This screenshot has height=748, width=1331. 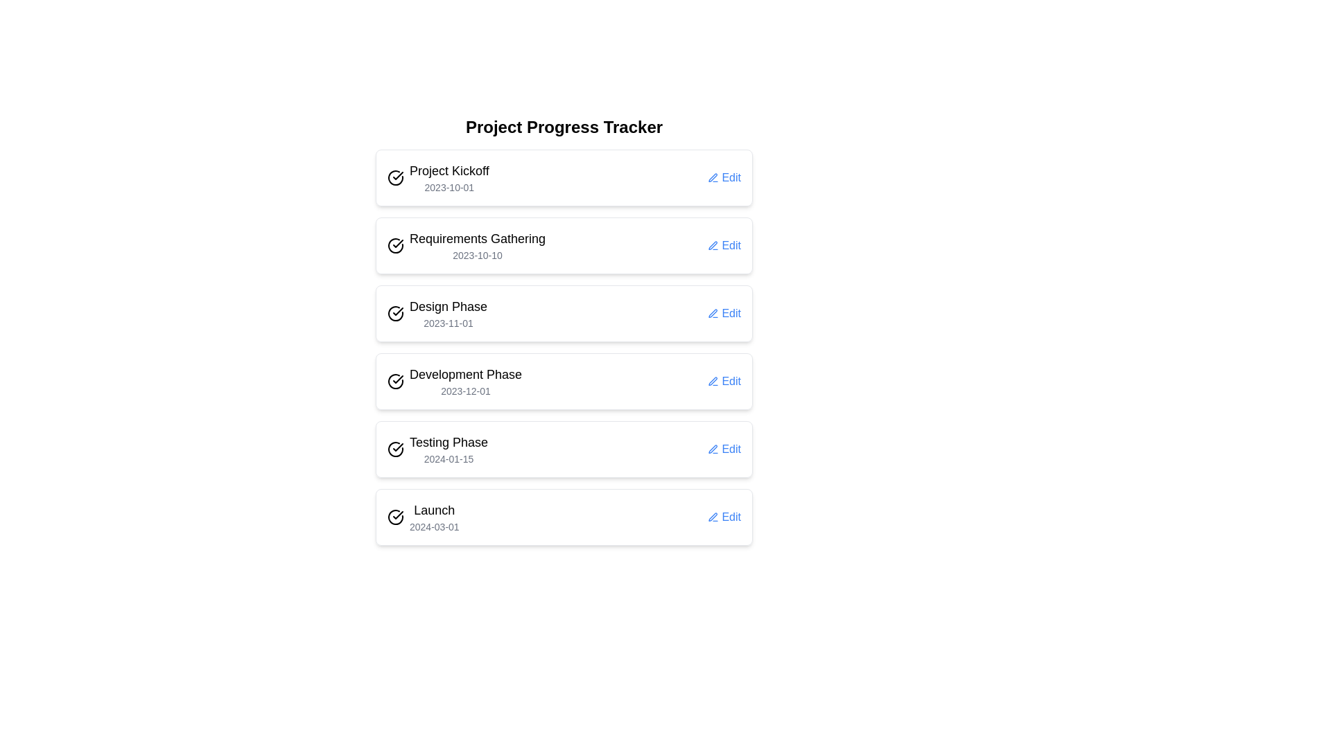 What do you see at coordinates (478, 244) in the screenshot?
I see `the composite textual label displaying 'Requirements Gathering' in the Project Progress Tracker, which is the second item in the list` at bounding box center [478, 244].